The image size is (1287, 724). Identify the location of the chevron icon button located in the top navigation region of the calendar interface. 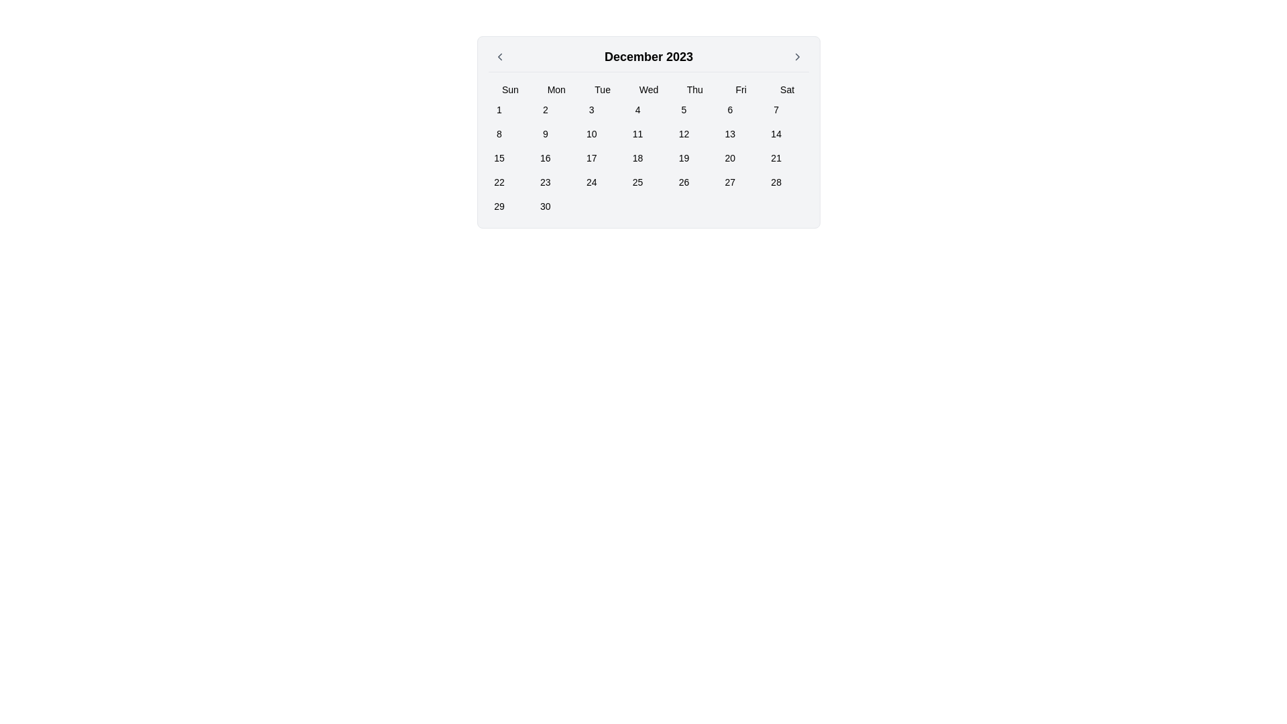
(798, 56).